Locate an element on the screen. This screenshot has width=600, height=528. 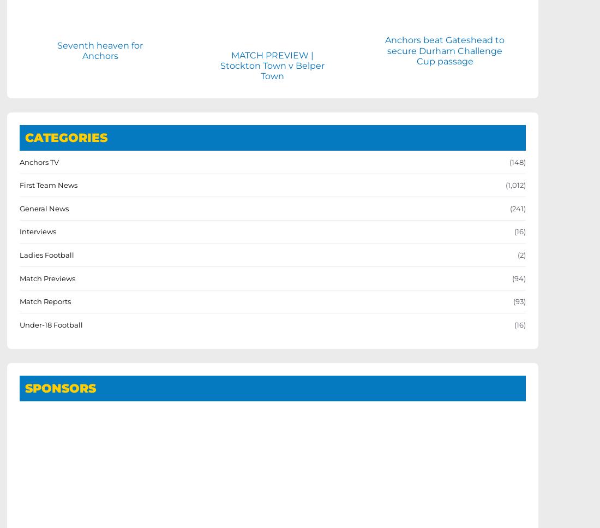
'Seventh heaven for Anchors' is located at coordinates (99, 51).